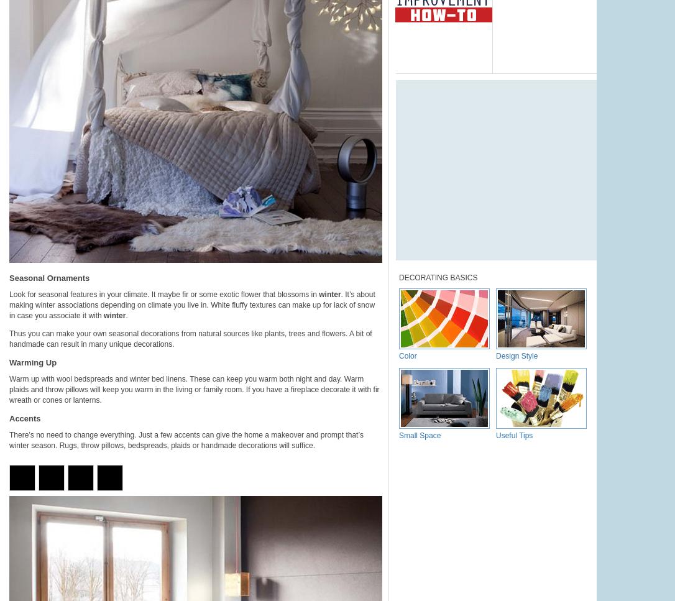 This screenshot has height=601, width=675. I want to click on 'Warm up with wool bedspreads and winter bed linens. These can keep you warm both night and day. Warm plaids and throw pillows will keep you warm in the living or family room. If you have a fireplace decorate it with fir wreath or cones or lanterns.', so click(193, 390).